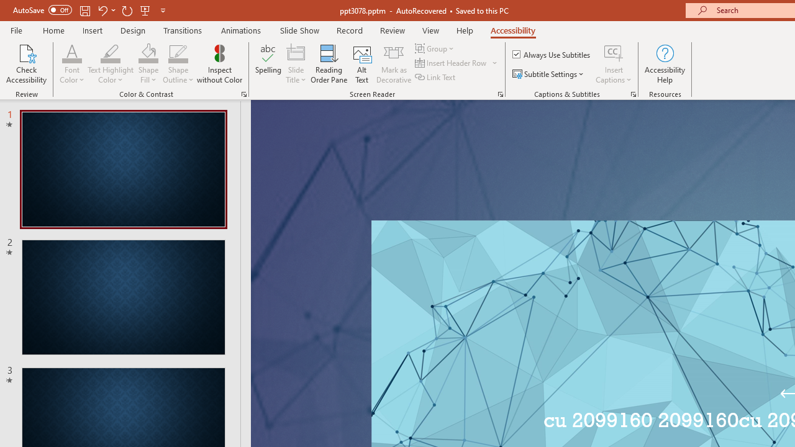 The width and height of the screenshot is (795, 447). Describe the element at coordinates (500, 93) in the screenshot. I see `'Screen Reader'` at that location.